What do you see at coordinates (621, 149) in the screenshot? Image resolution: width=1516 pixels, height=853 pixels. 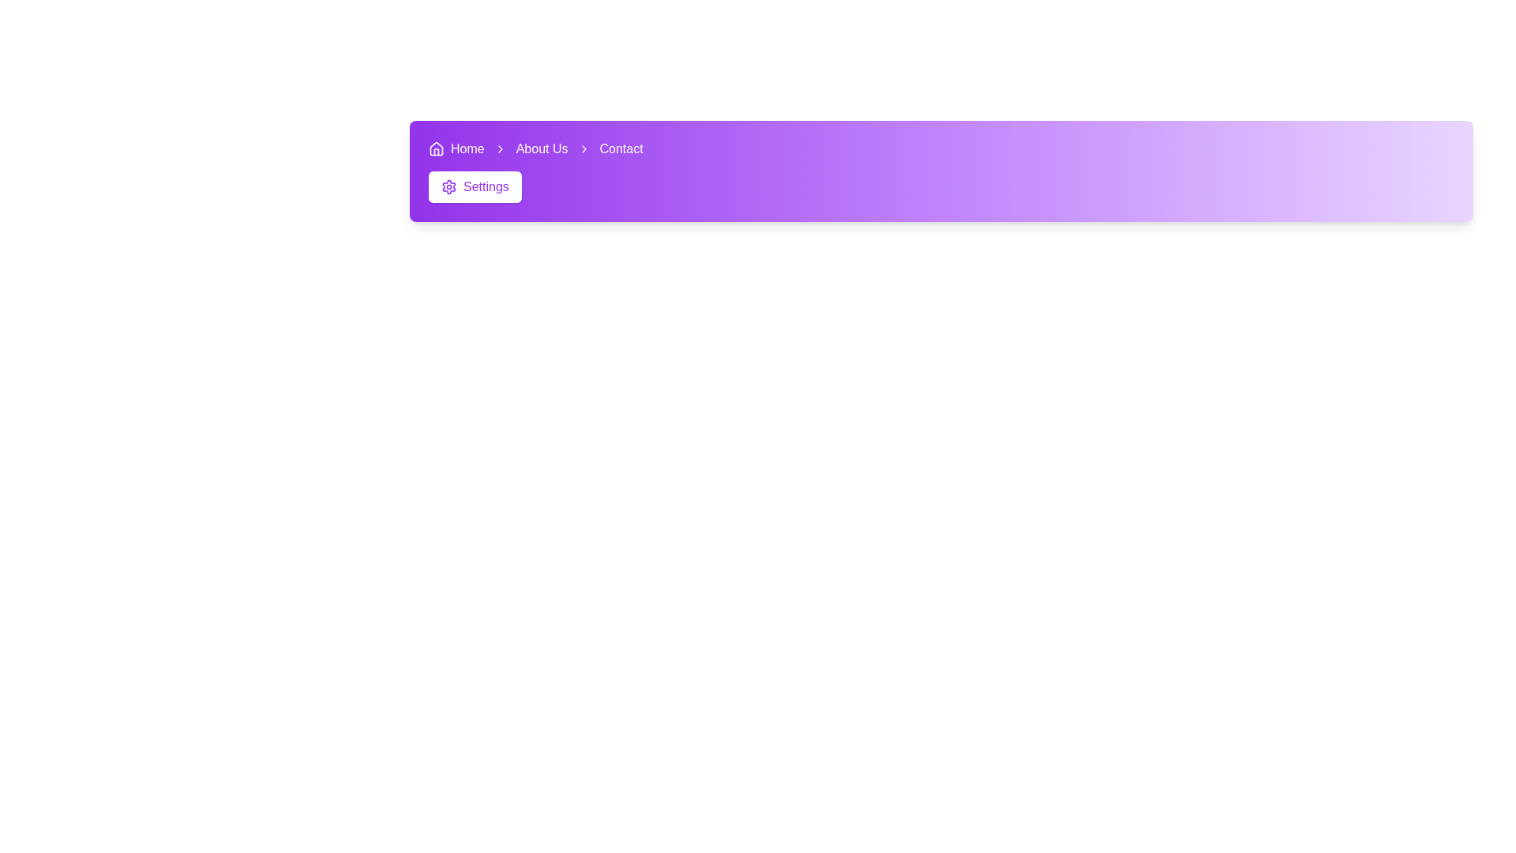 I see `the third text link in the navigation bar, which likely redirects to the Contact page` at bounding box center [621, 149].